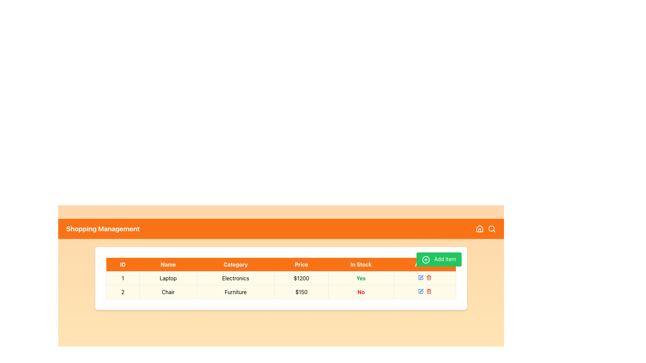  Describe the element at coordinates (479, 228) in the screenshot. I see `the orange house icon located in the top-right corner of the interface` at that location.